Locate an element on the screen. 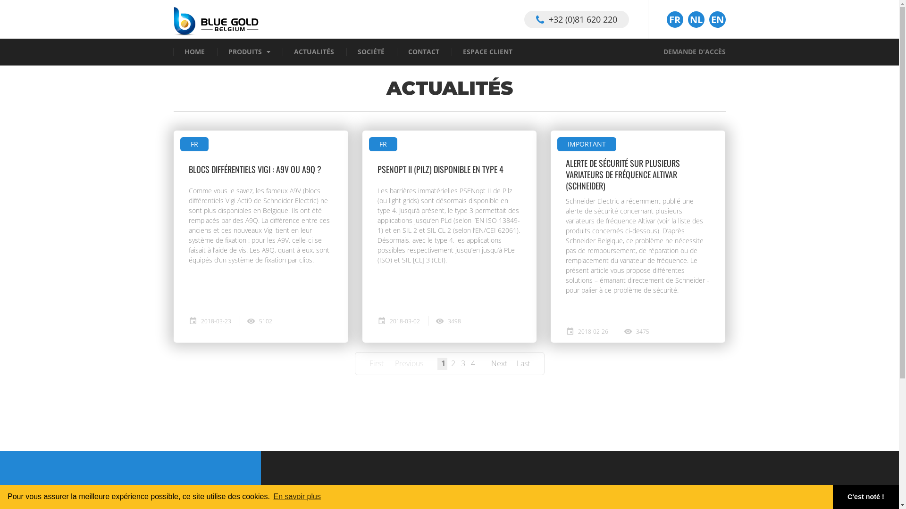 The height and width of the screenshot is (509, 906). 'ESPACE CLIENT' is located at coordinates (487, 52).